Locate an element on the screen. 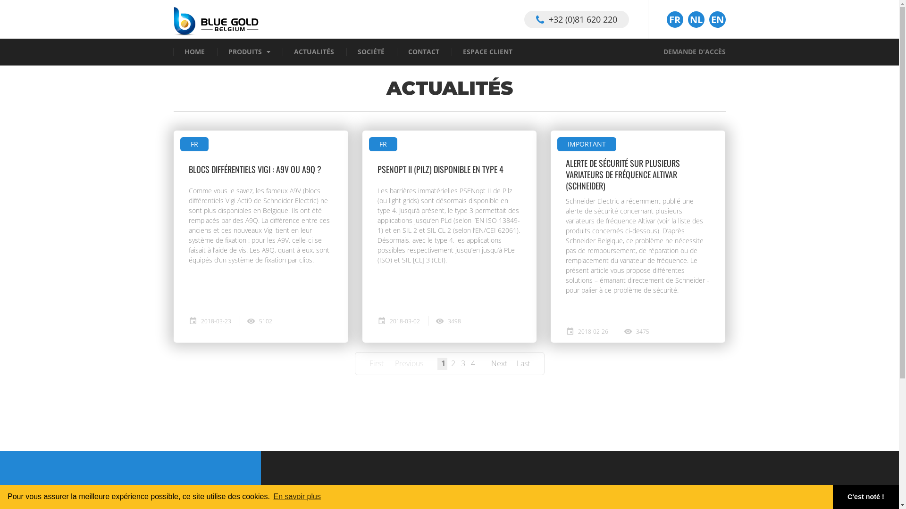 The height and width of the screenshot is (509, 906). 'ESPACE CLIENT' is located at coordinates (487, 52).